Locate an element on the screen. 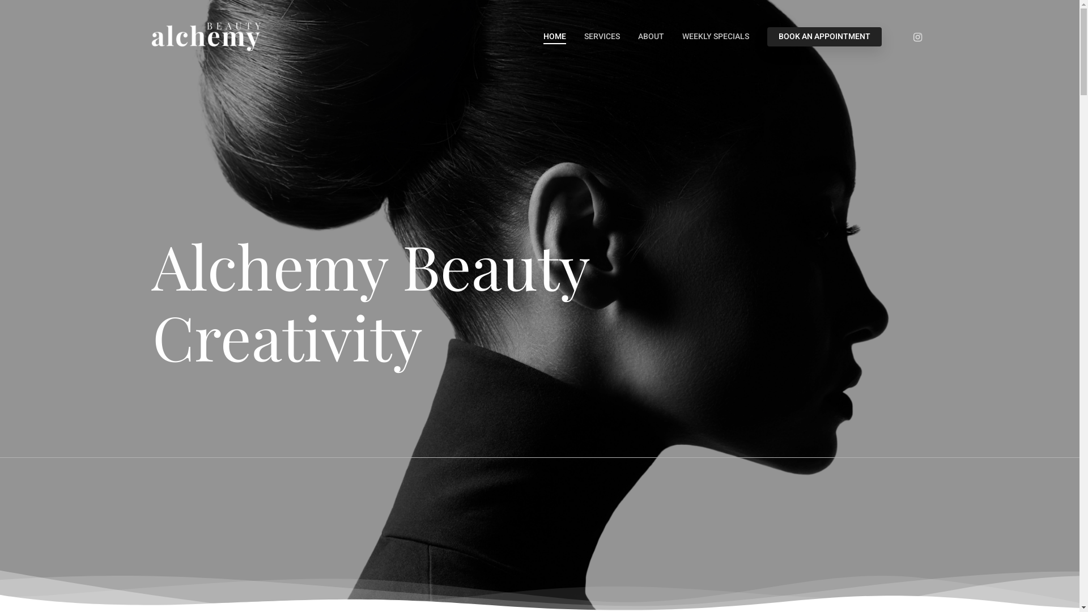  'BOOK AN APPOINTMENT' is located at coordinates (767, 36).